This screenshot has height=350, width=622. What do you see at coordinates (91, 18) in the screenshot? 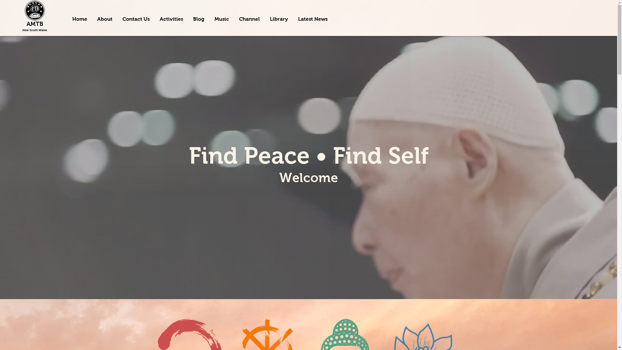
I see `'About'` at bounding box center [91, 18].